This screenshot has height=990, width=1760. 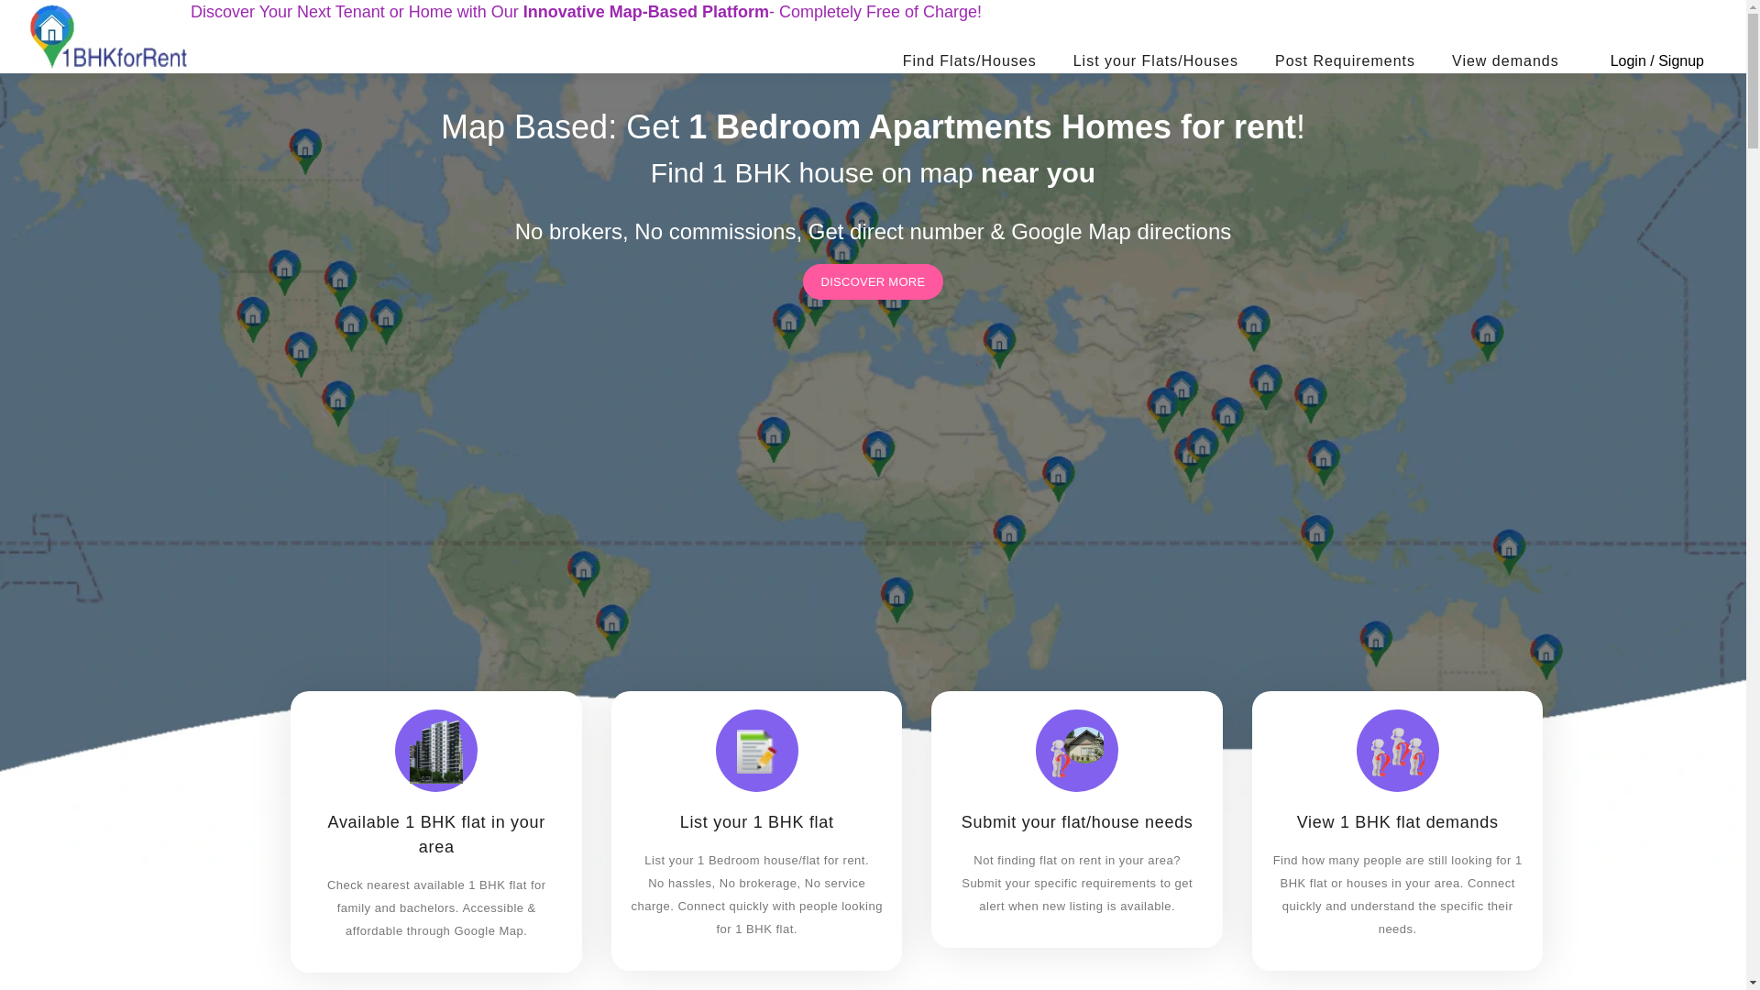 What do you see at coordinates (1505, 60) in the screenshot?
I see `'View demands'` at bounding box center [1505, 60].